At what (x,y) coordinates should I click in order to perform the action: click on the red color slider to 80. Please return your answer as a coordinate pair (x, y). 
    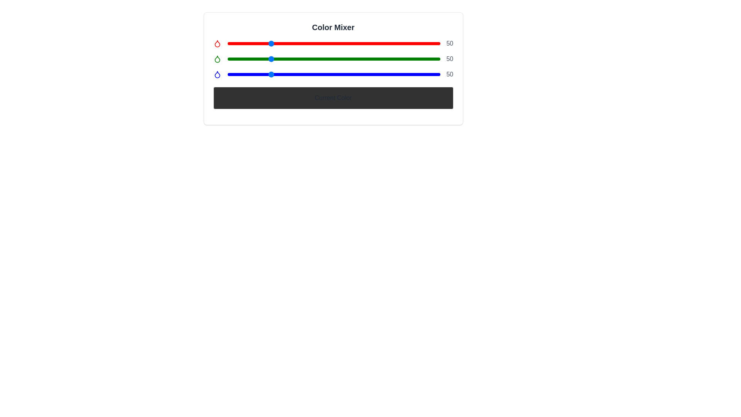
    Looking at the image, I should click on (294, 43).